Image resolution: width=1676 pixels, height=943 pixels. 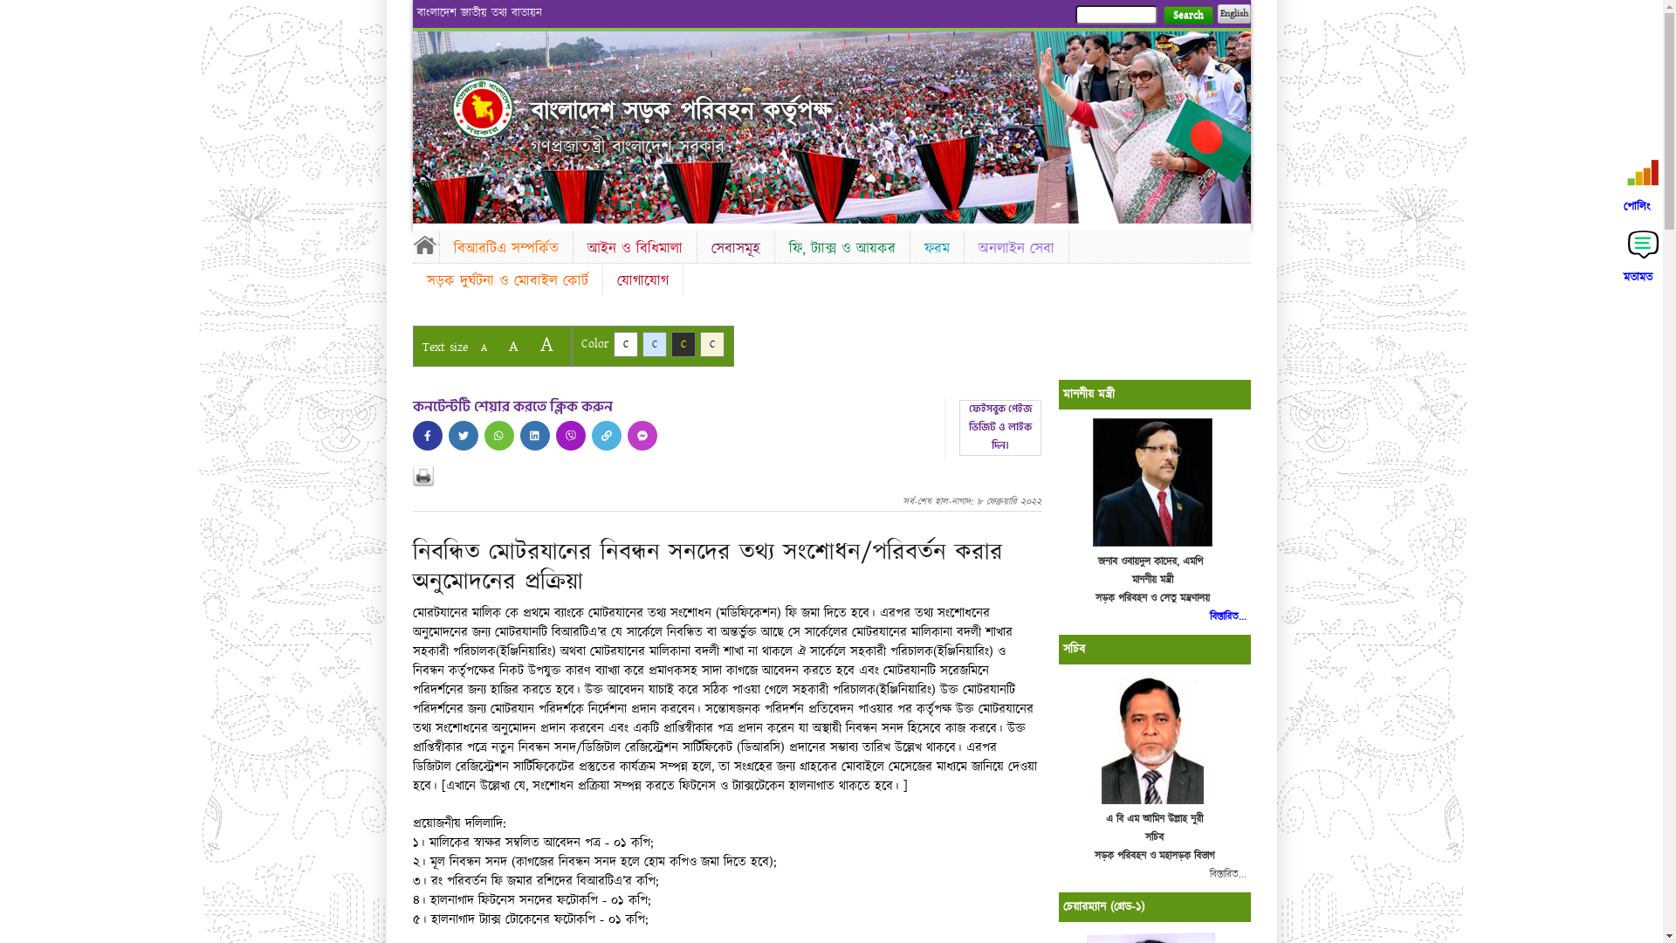 What do you see at coordinates (1187, 15) in the screenshot?
I see `'Search'` at bounding box center [1187, 15].